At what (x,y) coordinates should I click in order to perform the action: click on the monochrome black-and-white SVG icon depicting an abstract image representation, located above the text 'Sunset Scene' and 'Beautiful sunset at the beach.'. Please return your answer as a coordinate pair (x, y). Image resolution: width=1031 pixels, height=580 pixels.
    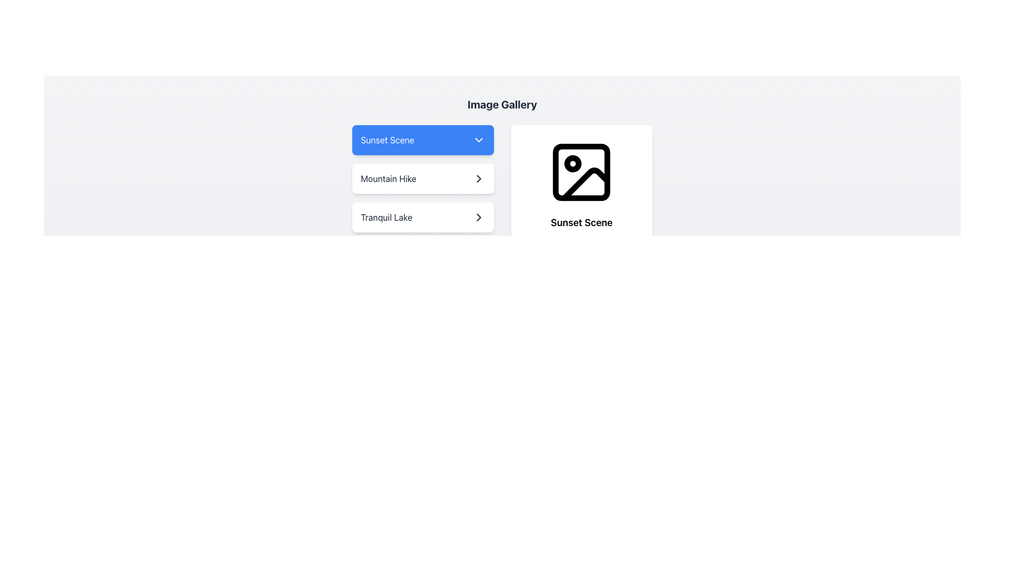
    Looking at the image, I should click on (581, 171).